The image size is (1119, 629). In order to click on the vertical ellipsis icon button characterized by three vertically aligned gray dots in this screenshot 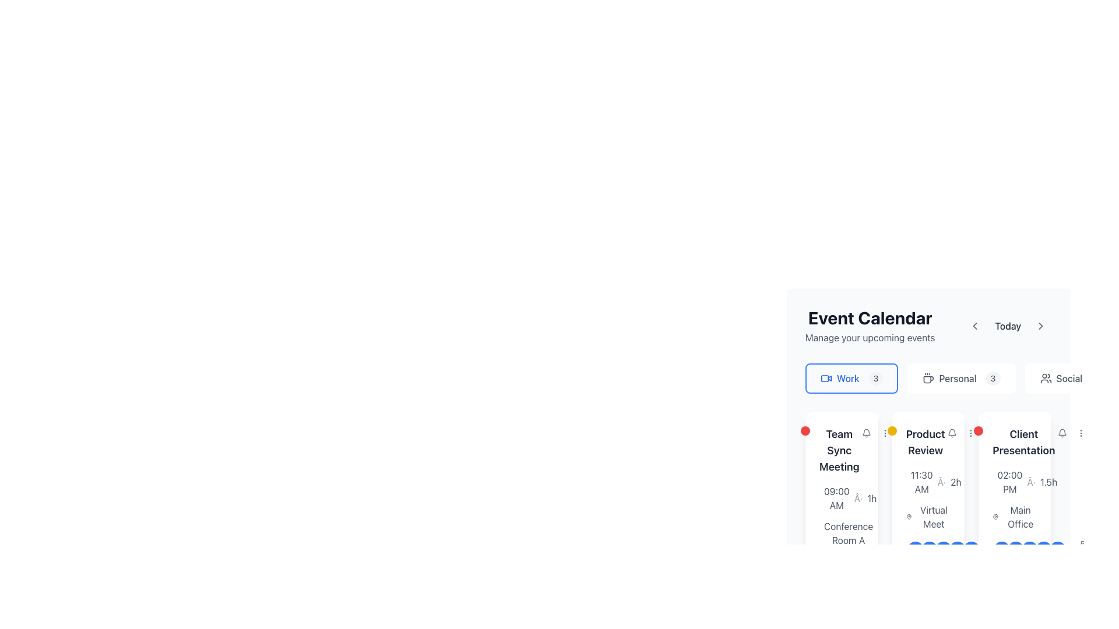, I will do `click(1080, 433)`.